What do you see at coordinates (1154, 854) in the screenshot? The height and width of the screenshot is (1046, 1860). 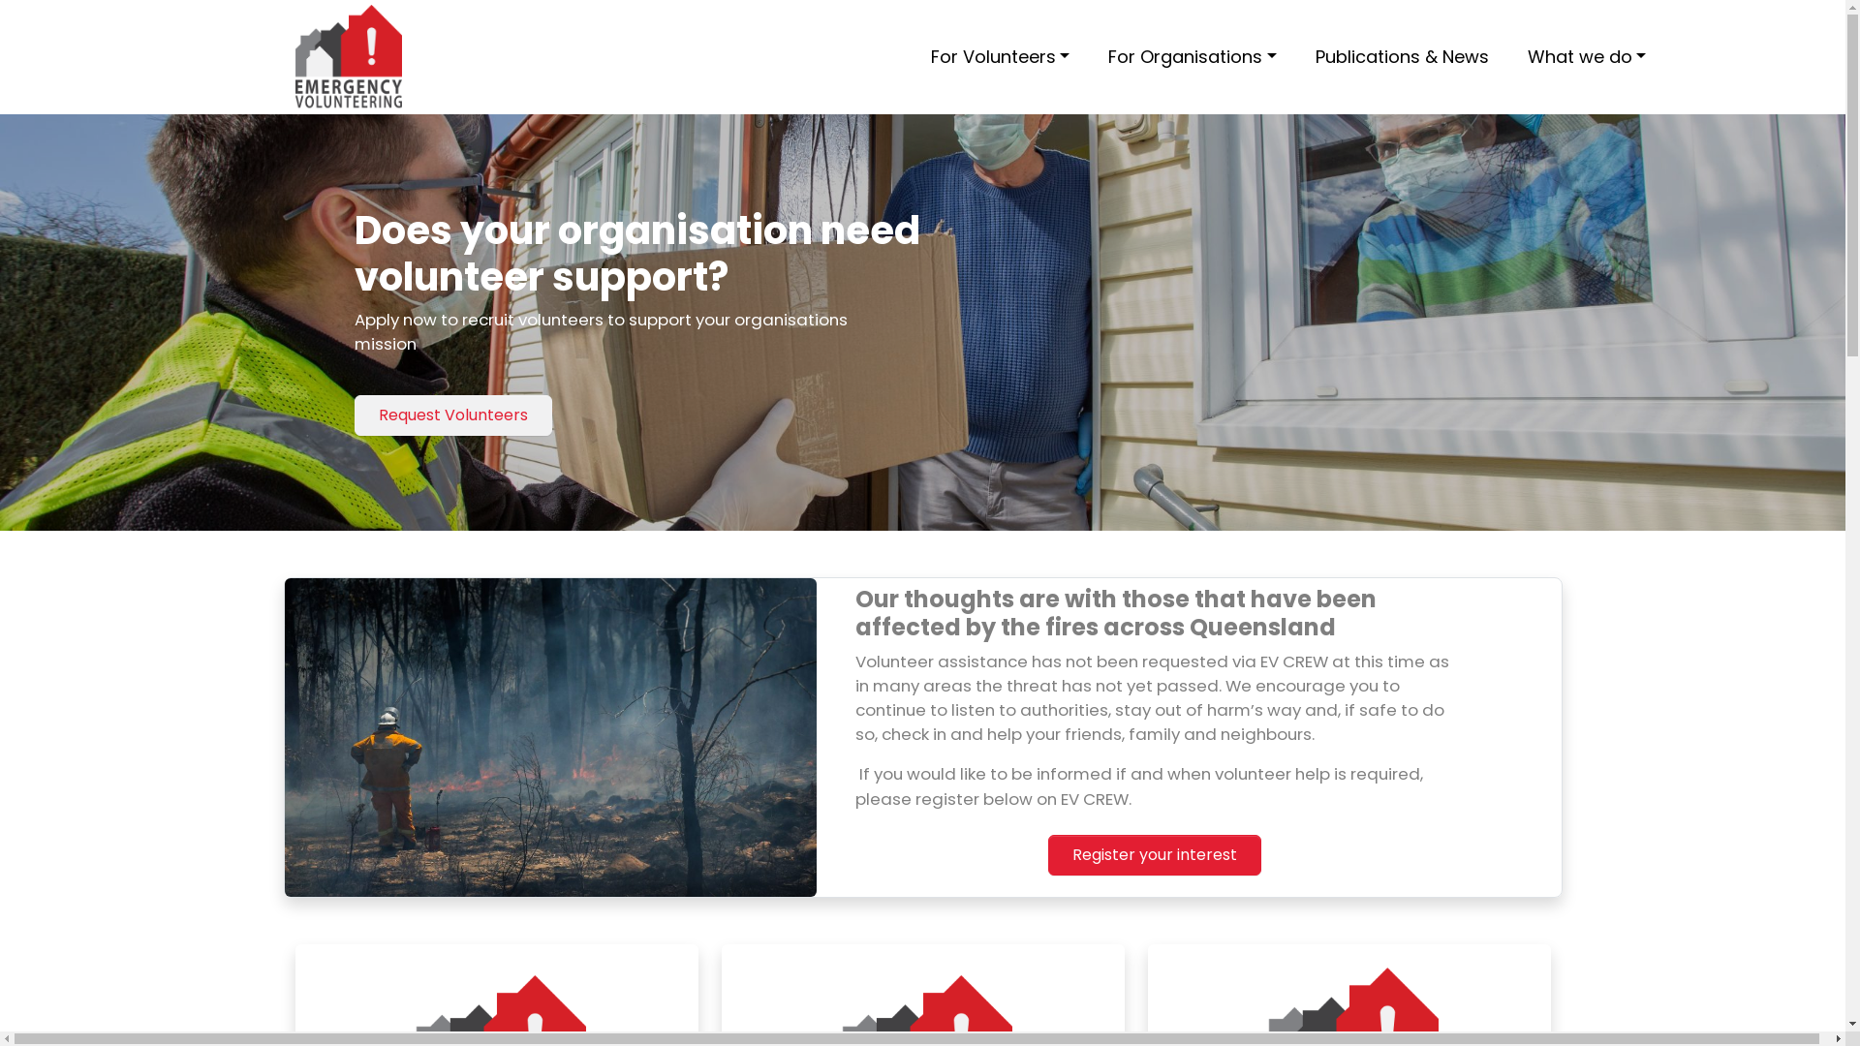 I see `'Register your interest'` at bounding box center [1154, 854].